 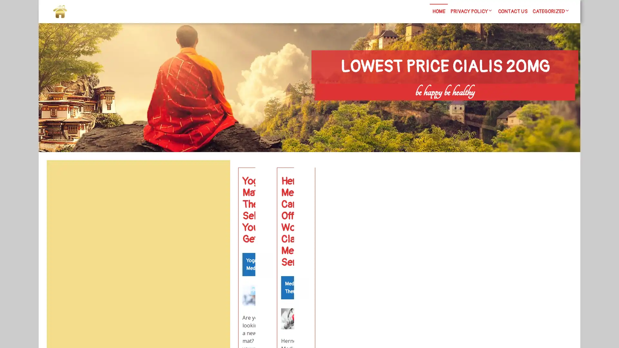 I want to click on Search, so click(x=502, y=105).